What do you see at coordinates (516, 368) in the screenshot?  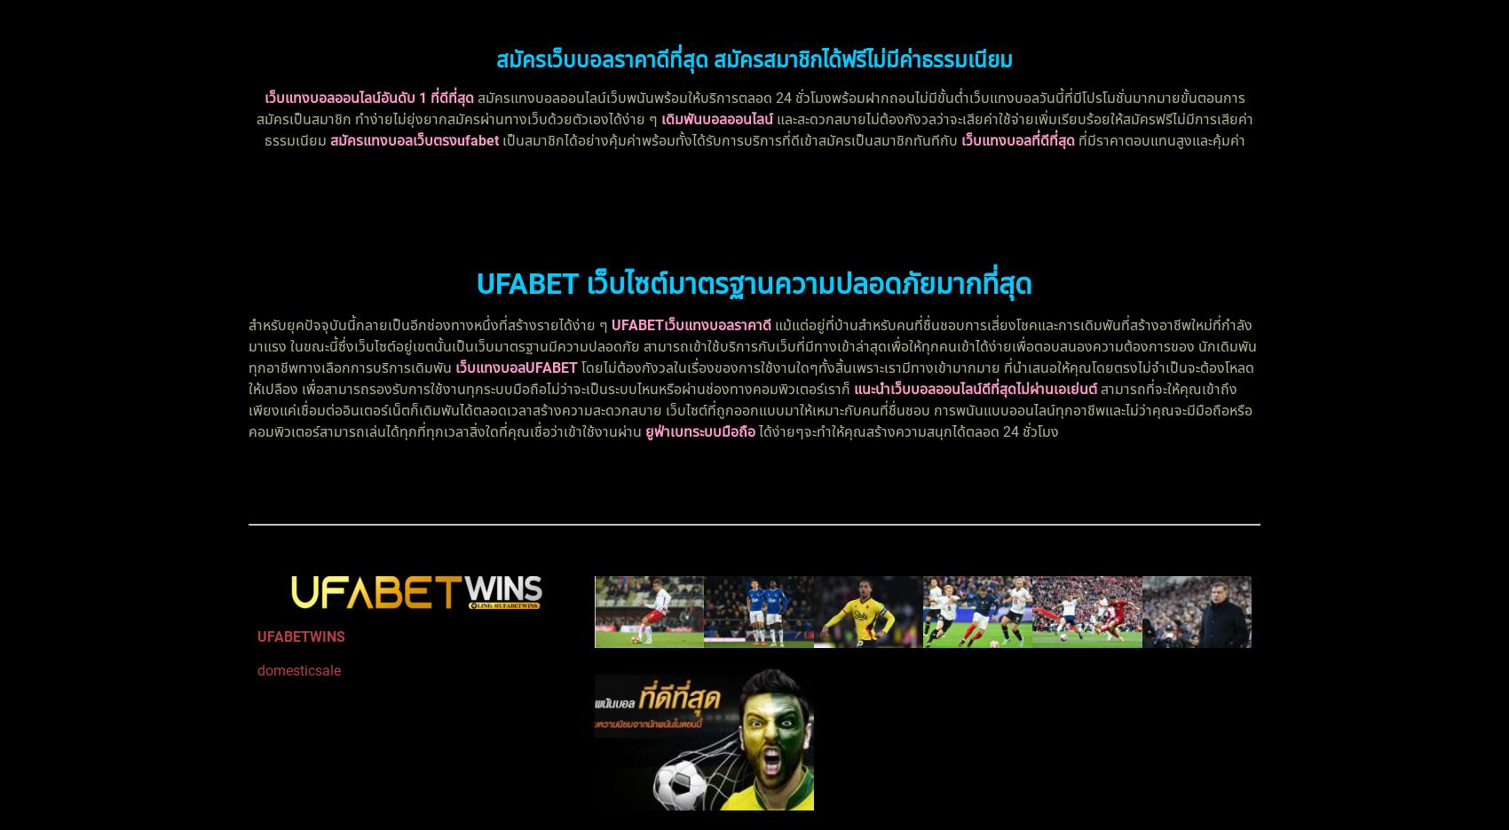 I see `'เว็บแทงบอลUFABET'` at bounding box center [516, 368].